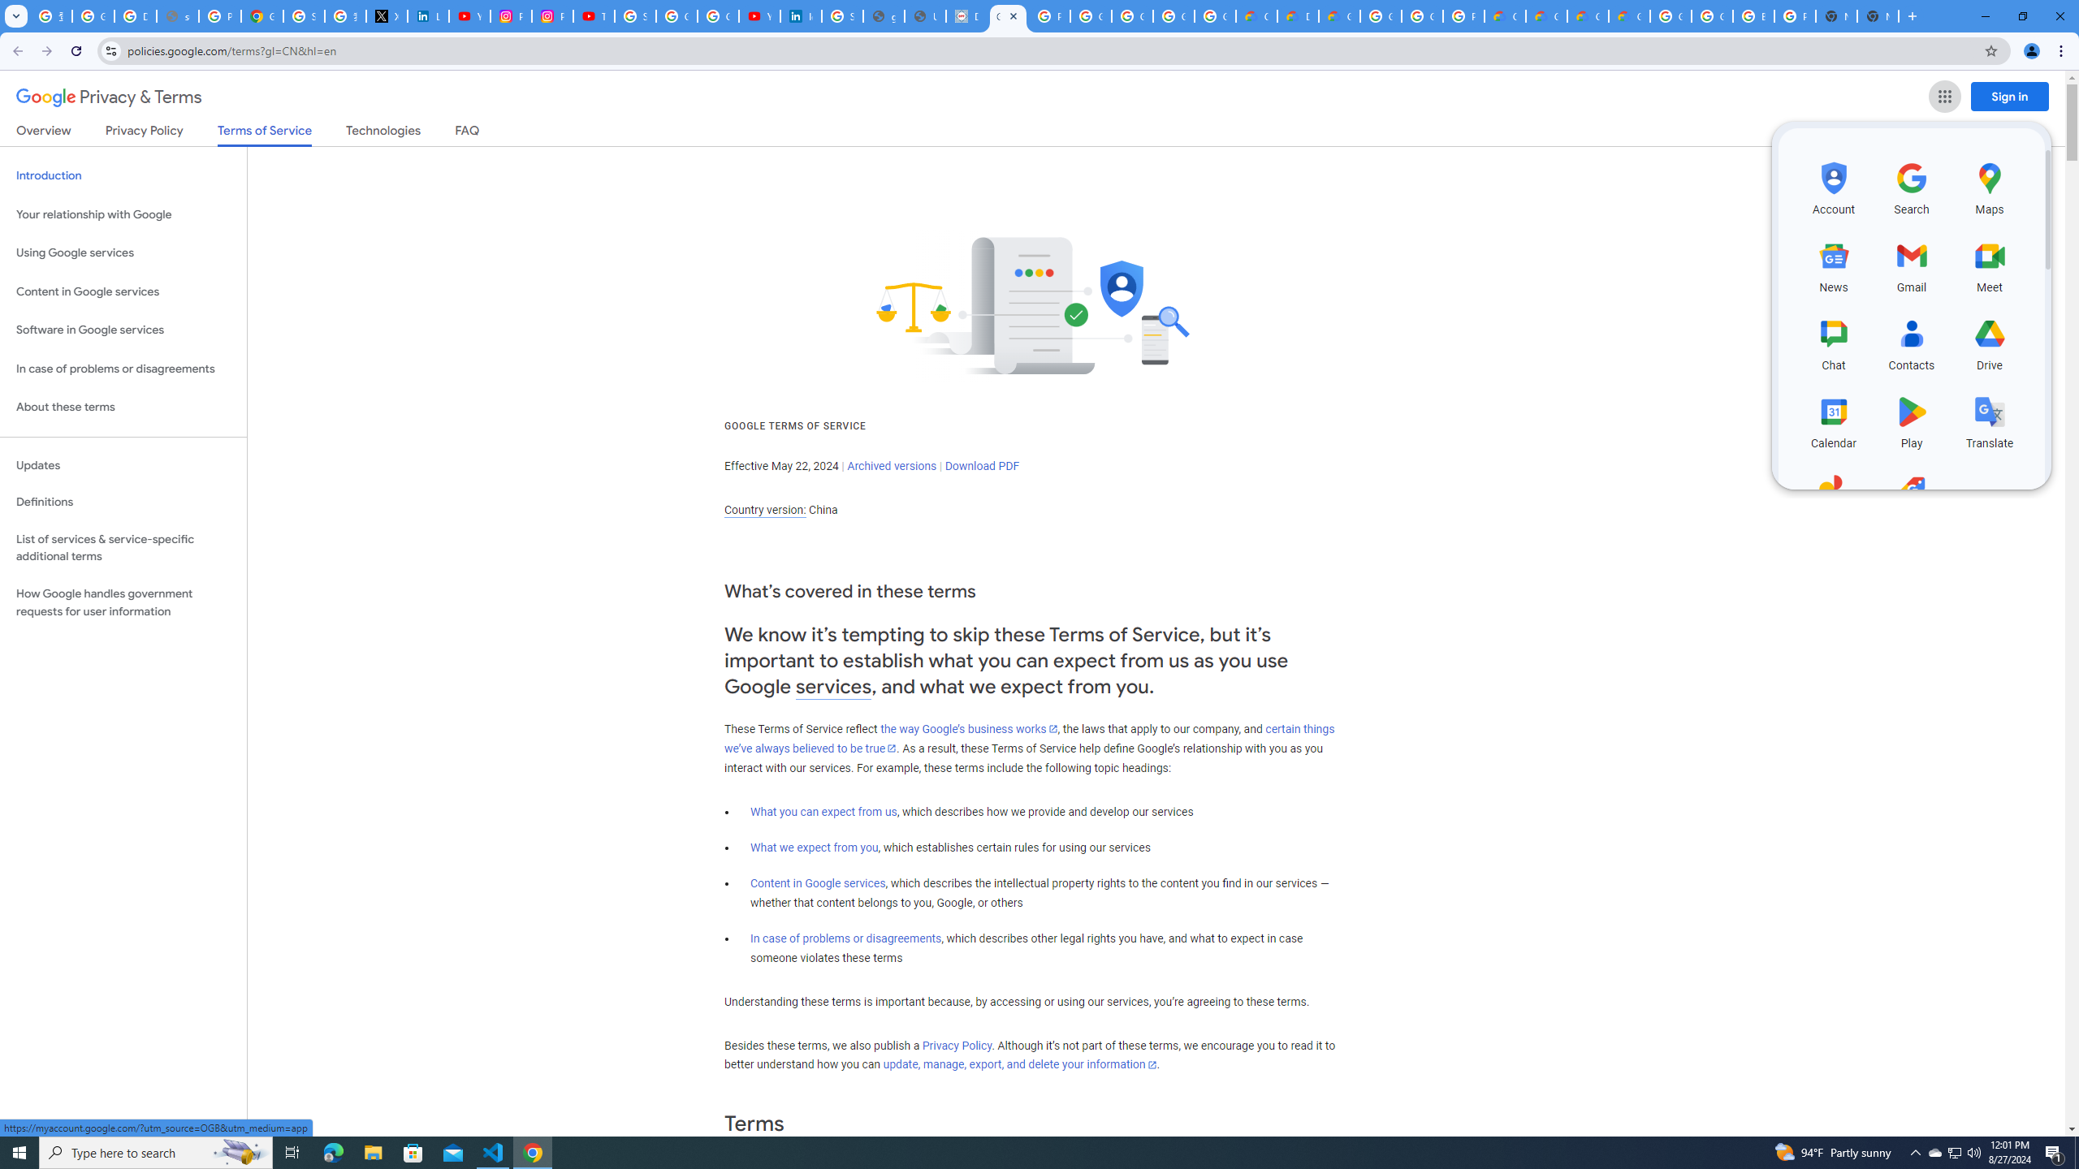  What do you see at coordinates (123, 547) in the screenshot?
I see `'List of services & service-specific additional terms'` at bounding box center [123, 547].